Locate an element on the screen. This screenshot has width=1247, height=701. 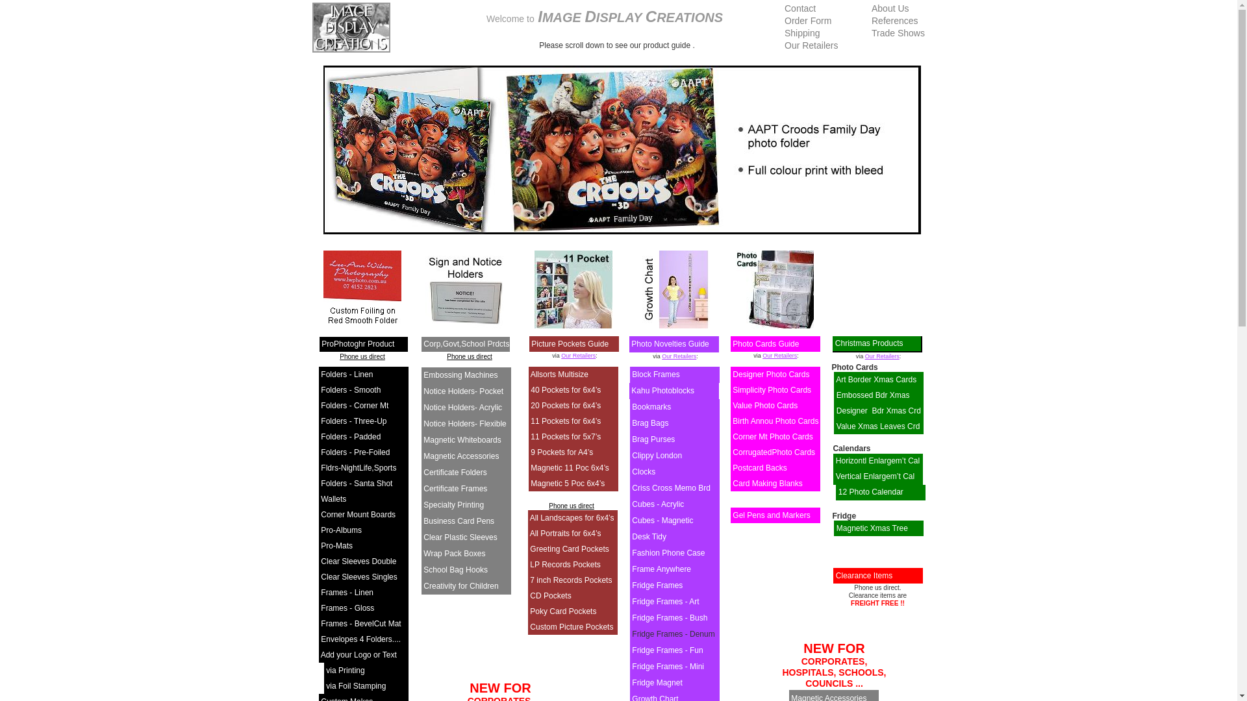
'Embossed Bdr Xmas' is located at coordinates (873, 395).